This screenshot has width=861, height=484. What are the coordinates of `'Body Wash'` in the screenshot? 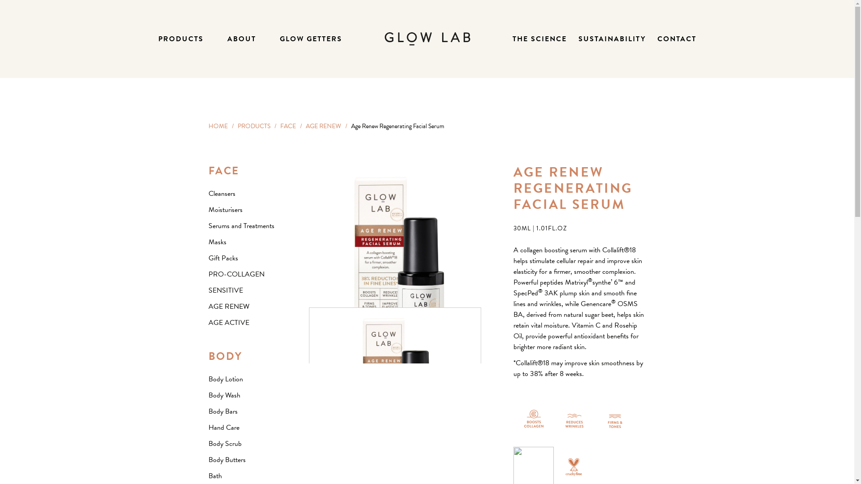 It's located at (208, 395).